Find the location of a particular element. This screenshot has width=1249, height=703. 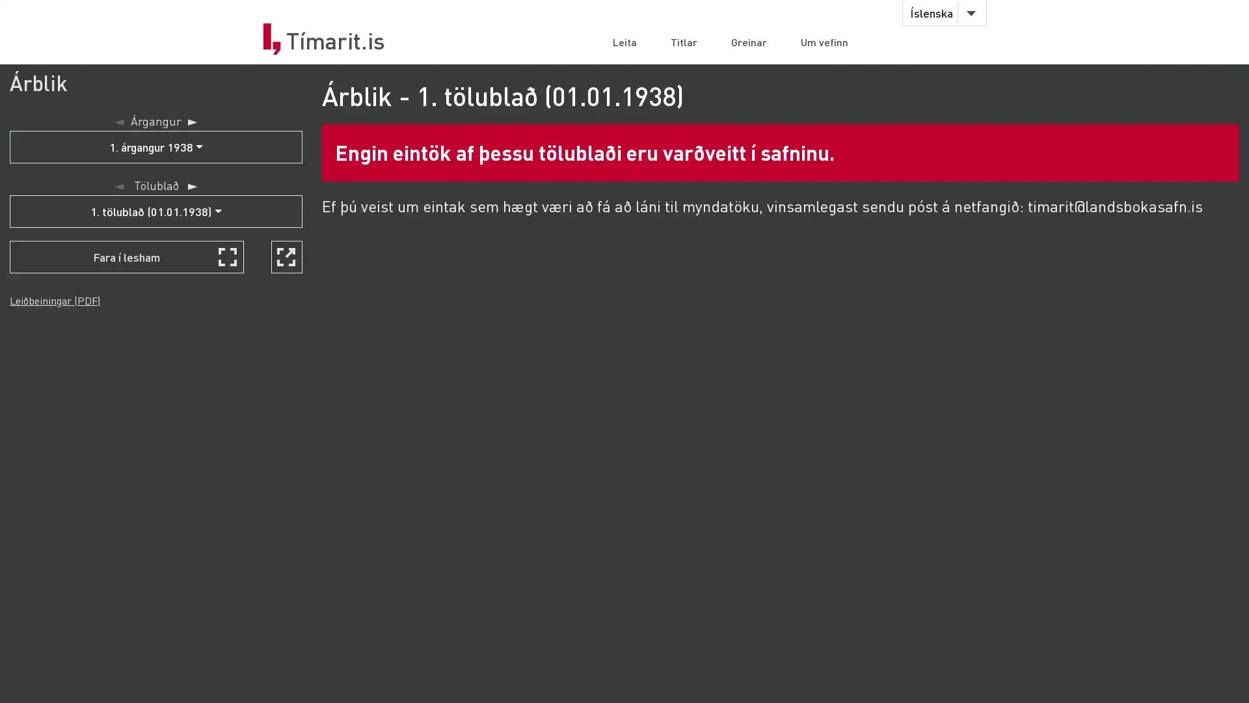

1. tolubla (01.01.1938) is located at coordinates (156, 210).